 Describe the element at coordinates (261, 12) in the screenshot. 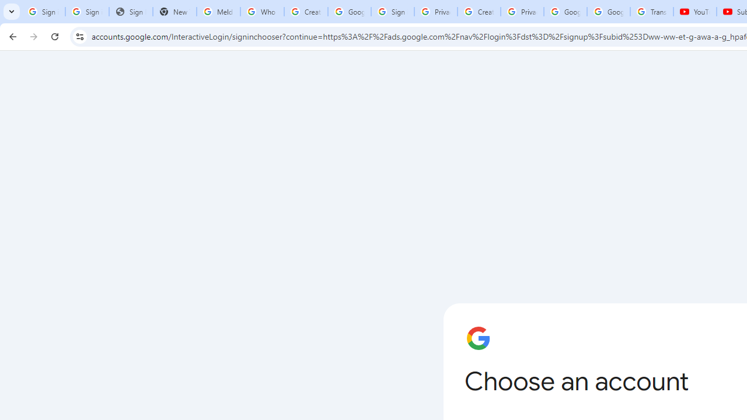

I see `'Who is my administrator? - Google Account Help'` at that location.